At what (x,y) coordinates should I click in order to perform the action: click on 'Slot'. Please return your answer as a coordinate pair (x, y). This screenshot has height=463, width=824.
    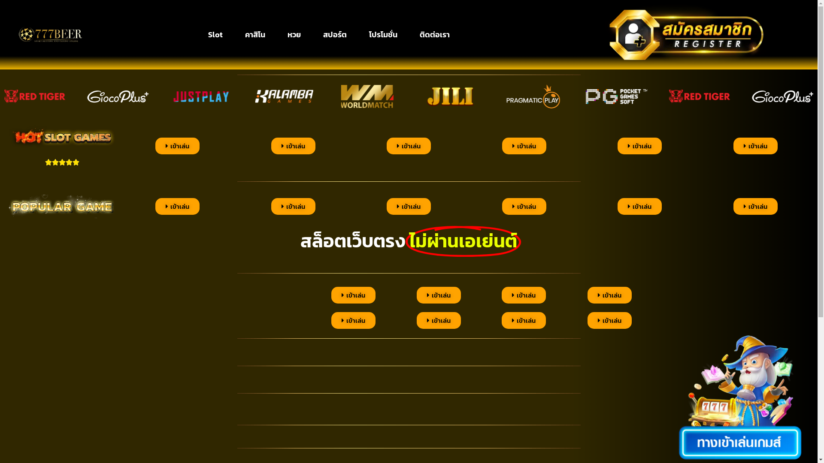
    Looking at the image, I should click on (215, 34).